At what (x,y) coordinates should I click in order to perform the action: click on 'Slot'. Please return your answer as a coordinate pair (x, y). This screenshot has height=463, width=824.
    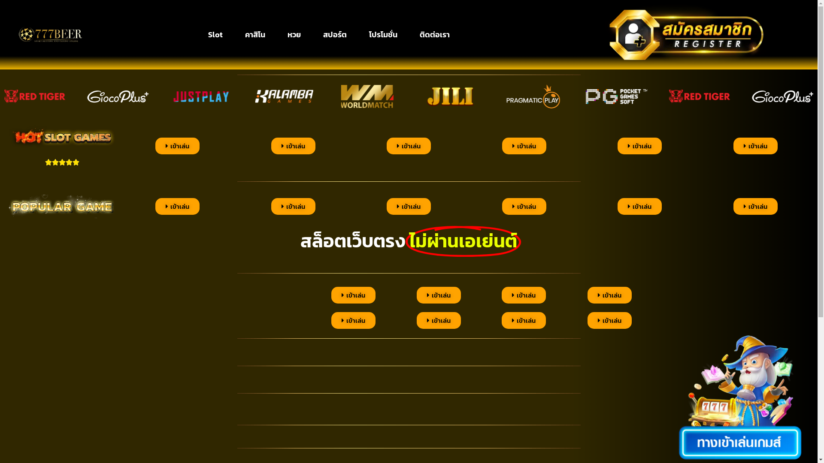
    Looking at the image, I should click on (215, 34).